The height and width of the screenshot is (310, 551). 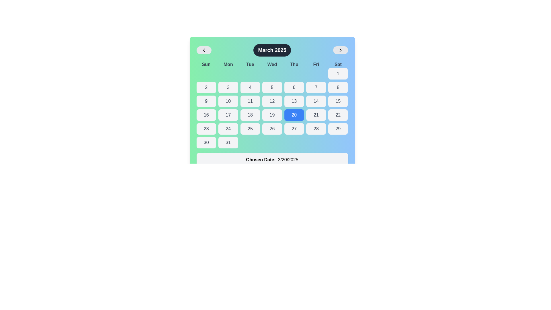 What do you see at coordinates (294, 115) in the screenshot?
I see `the selectable date button for March 20, 2025, located in the fourth row and fourth column of the calendar grid layout` at bounding box center [294, 115].